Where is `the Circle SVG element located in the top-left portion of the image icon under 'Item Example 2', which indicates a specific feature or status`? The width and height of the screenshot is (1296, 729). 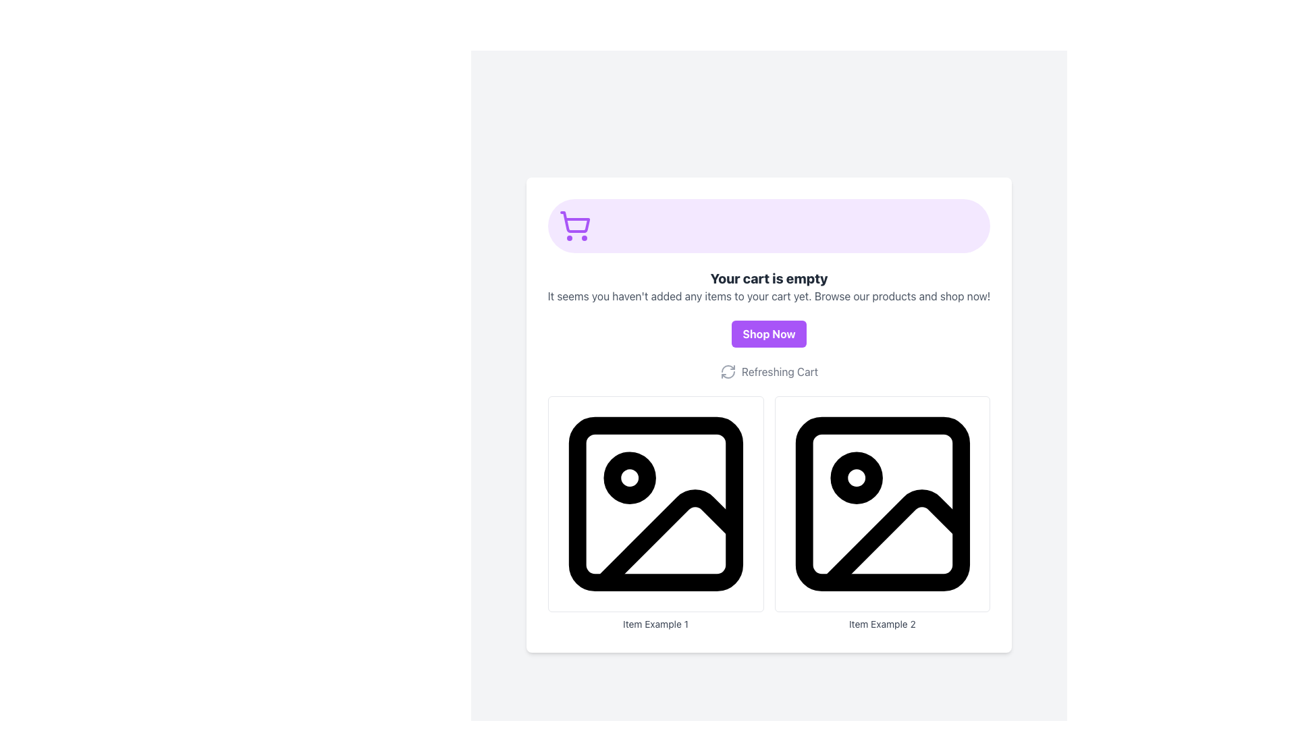
the Circle SVG element located in the top-left portion of the image icon under 'Item Example 2', which indicates a specific feature or status is located at coordinates (855, 477).